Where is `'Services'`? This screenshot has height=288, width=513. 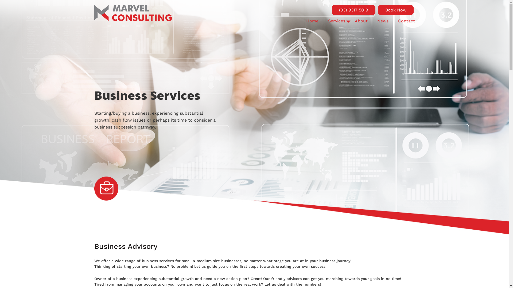 'Services' is located at coordinates (336, 21).